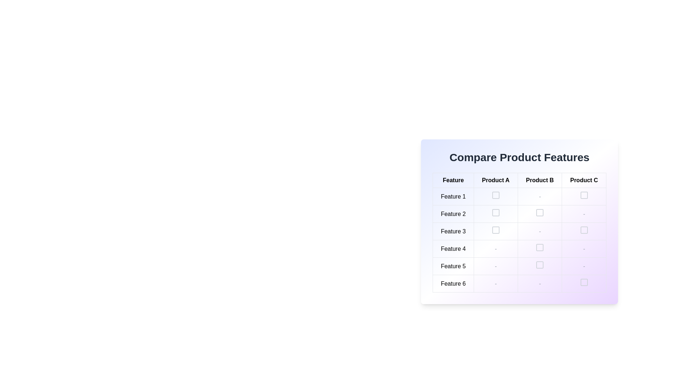 The width and height of the screenshot is (698, 392). I want to click on the text label displaying the word 'Feature' in bold and black font, which is the first column header in the 'Compare Product Features' section of the UI, so click(453, 180).